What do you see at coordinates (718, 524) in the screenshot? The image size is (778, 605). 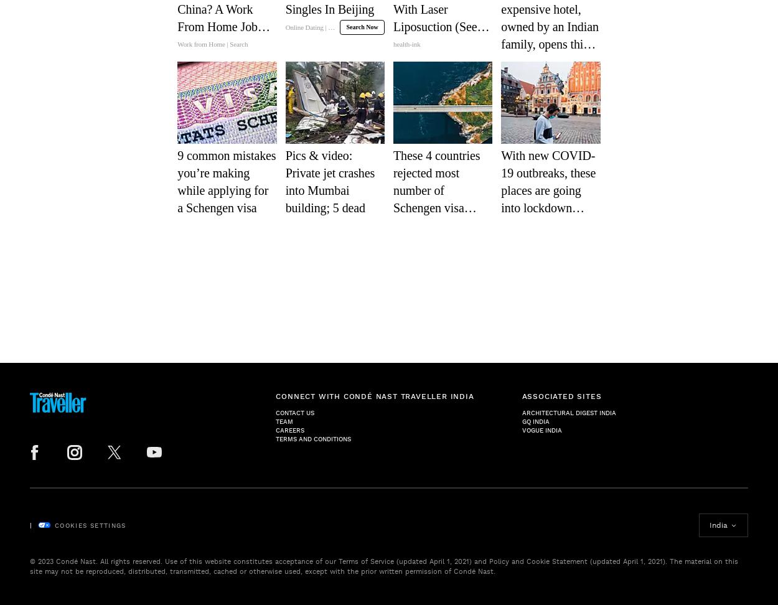 I see `'India'` at bounding box center [718, 524].